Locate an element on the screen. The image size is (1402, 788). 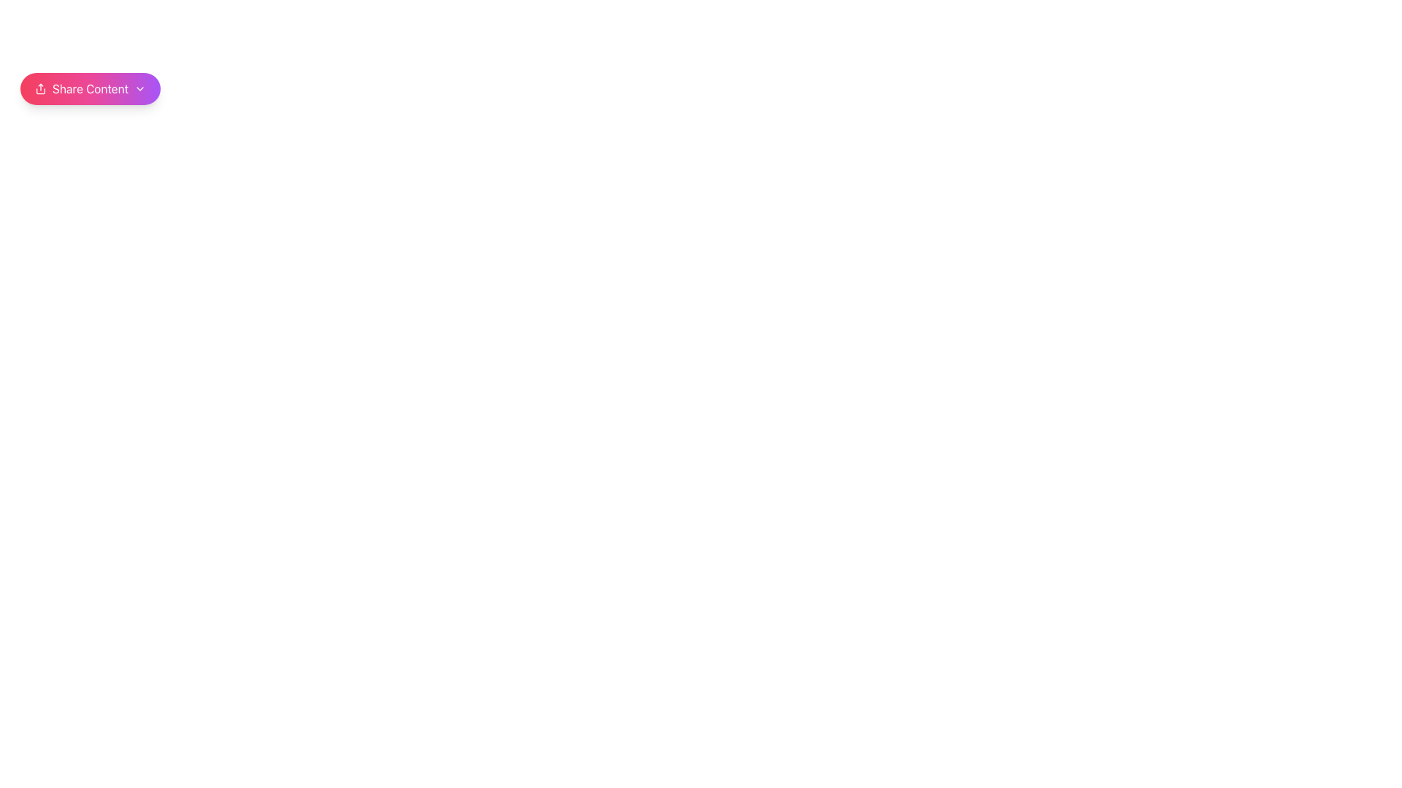
the button labeled with sharing-related text, located at the center of a rounded button is located at coordinates (90, 89).